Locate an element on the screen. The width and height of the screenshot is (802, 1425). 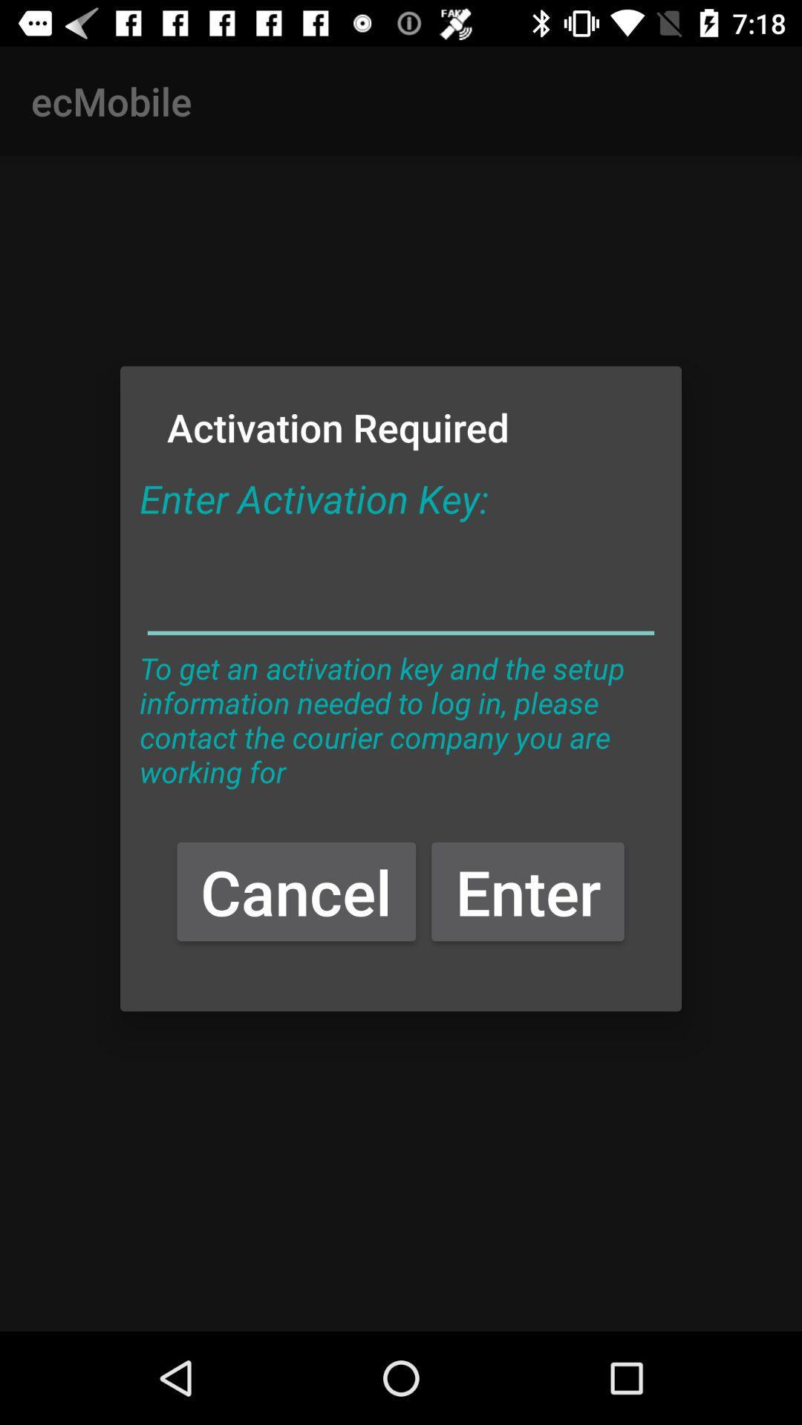
button next to enter item is located at coordinates (296, 891).